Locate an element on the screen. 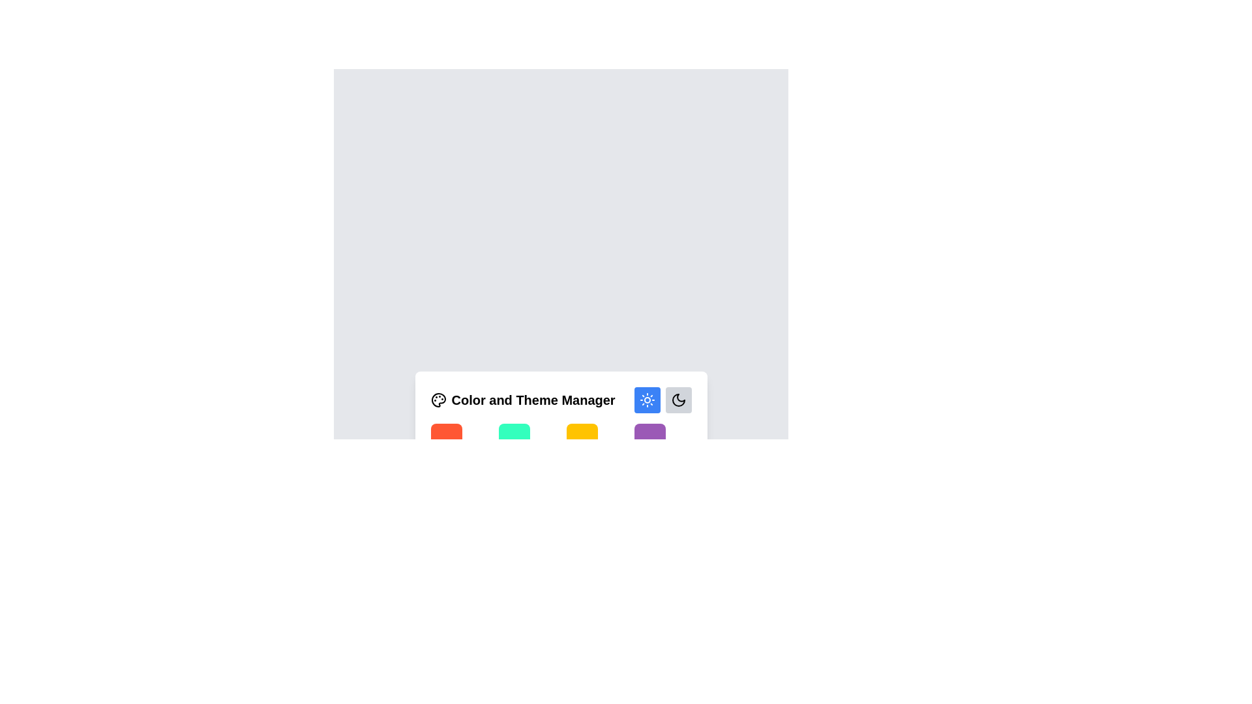 Image resolution: width=1252 pixels, height=704 pixels. the text heading 'Color and Theme Manager' which is styled in bold and accompanied by a palette icon on its left is located at coordinates (523, 399).